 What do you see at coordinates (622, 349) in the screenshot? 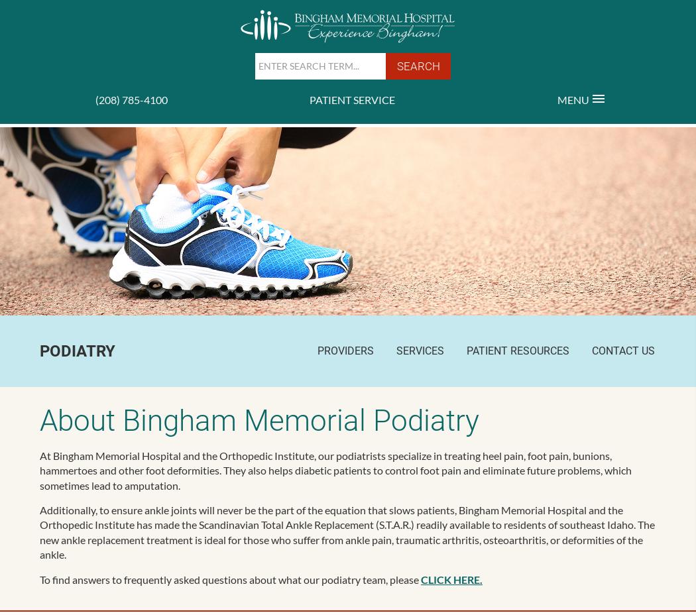
I see `'Contact Us'` at bounding box center [622, 349].